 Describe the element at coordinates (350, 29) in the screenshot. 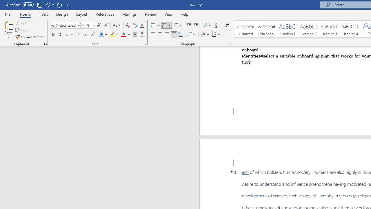

I see `'Heading 4'` at that location.